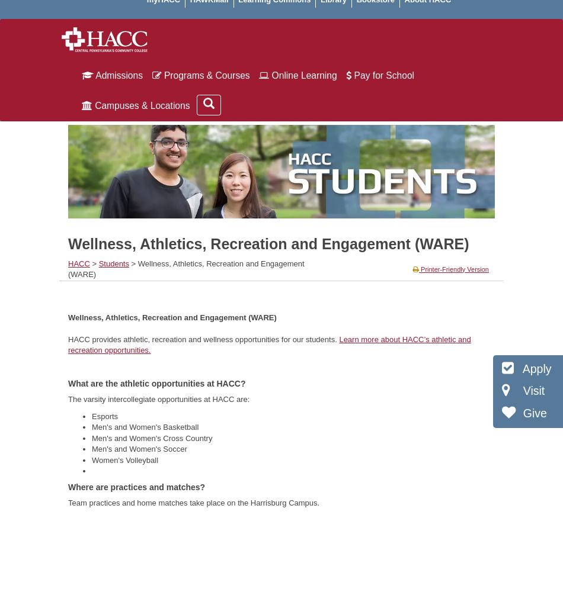 The width and height of the screenshot is (563, 592). I want to click on 'Team practices and home matches take place on the Harrisburg Campus.', so click(193, 502).